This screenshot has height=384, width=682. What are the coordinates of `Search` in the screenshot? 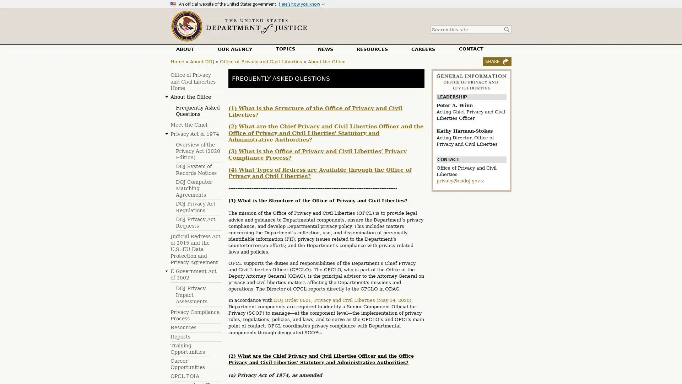 It's located at (506, 30).